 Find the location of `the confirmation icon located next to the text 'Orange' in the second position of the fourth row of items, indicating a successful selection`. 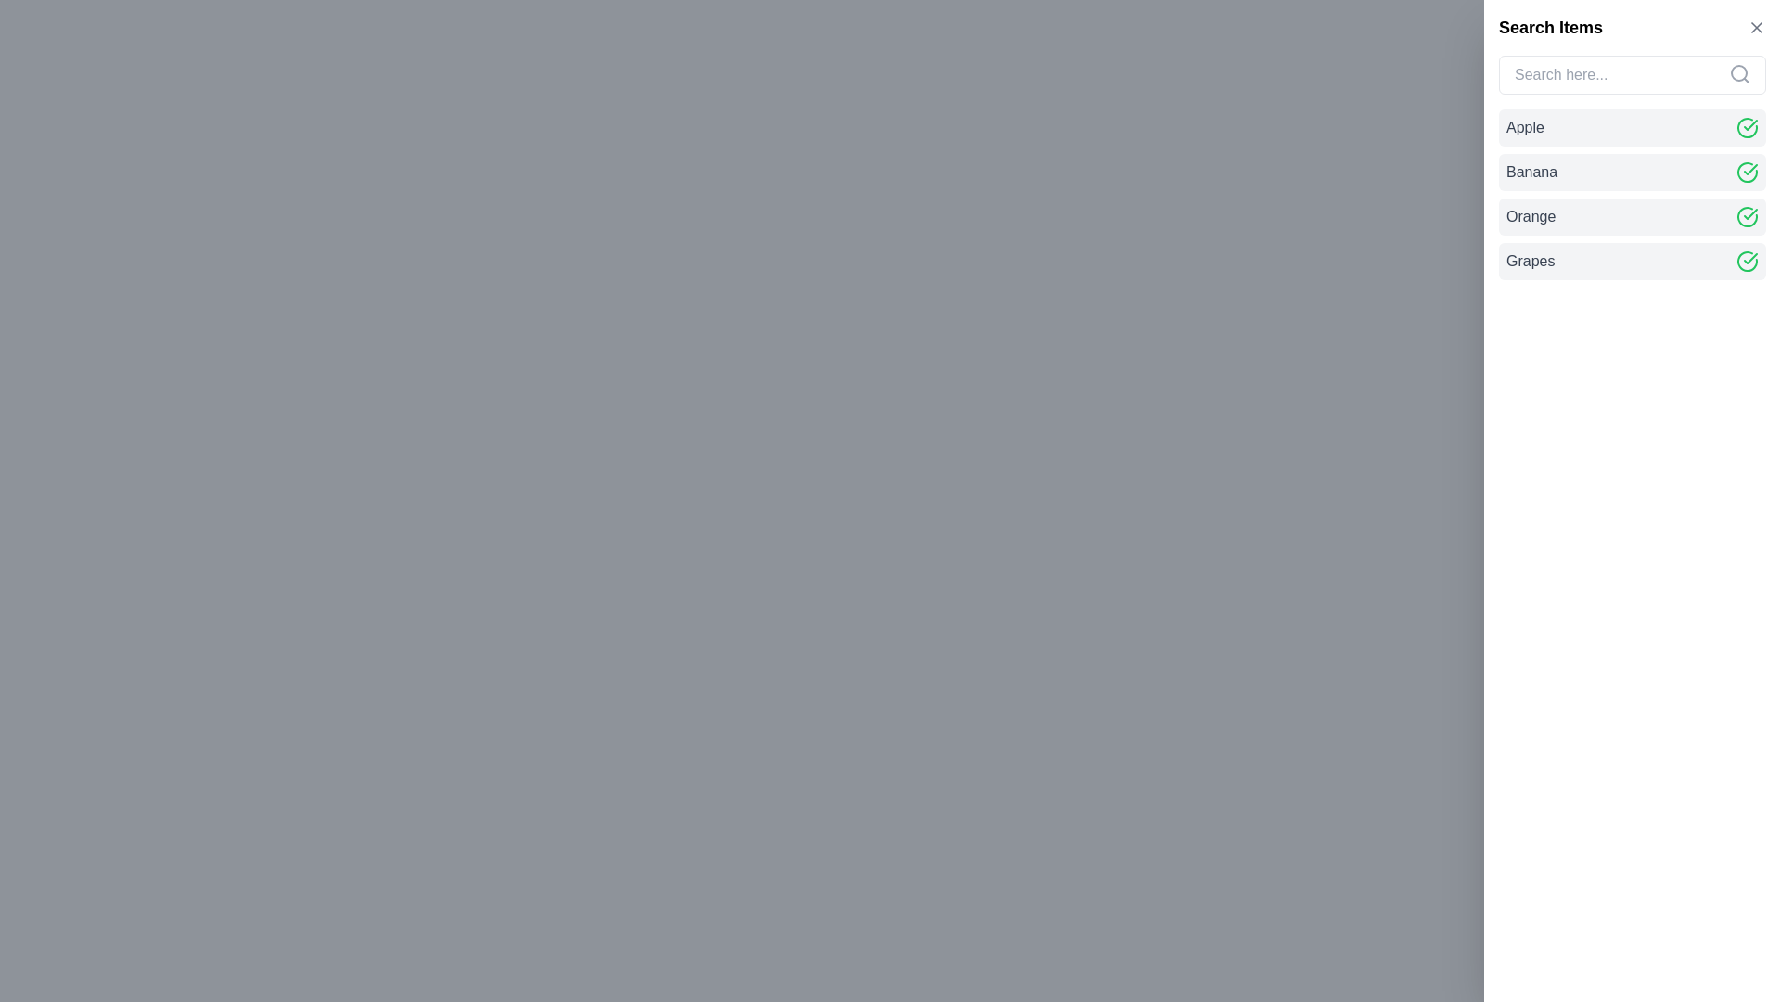

the confirmation icon located next to the text 'Orange' in the second position of the fourth row of items, indicating a successful selection is located at coordinates (1746, 216).